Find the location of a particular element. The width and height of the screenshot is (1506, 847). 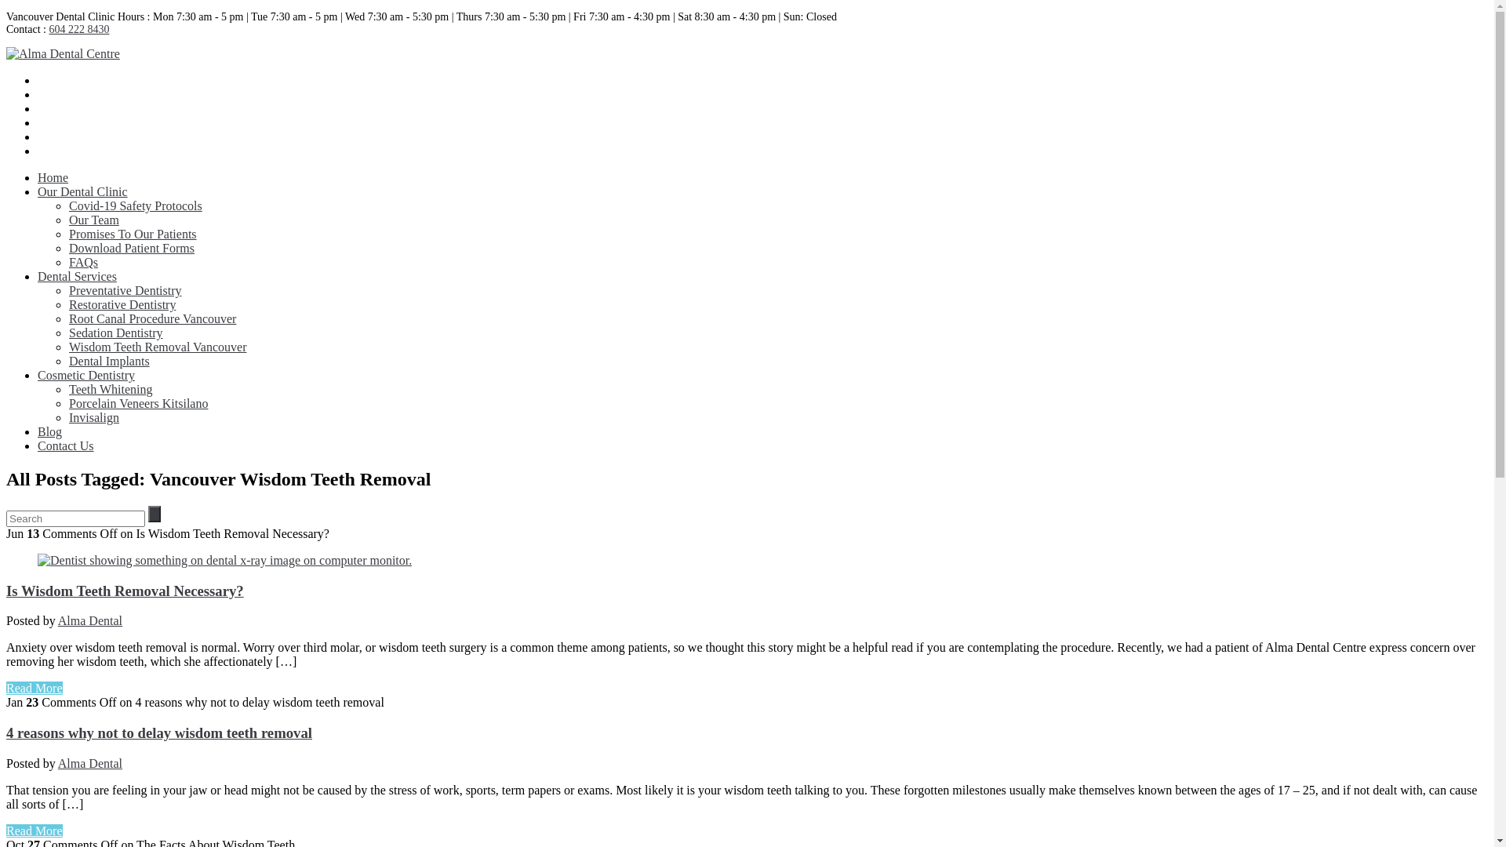

'Contact Us' is located at coordinates (64, 445).